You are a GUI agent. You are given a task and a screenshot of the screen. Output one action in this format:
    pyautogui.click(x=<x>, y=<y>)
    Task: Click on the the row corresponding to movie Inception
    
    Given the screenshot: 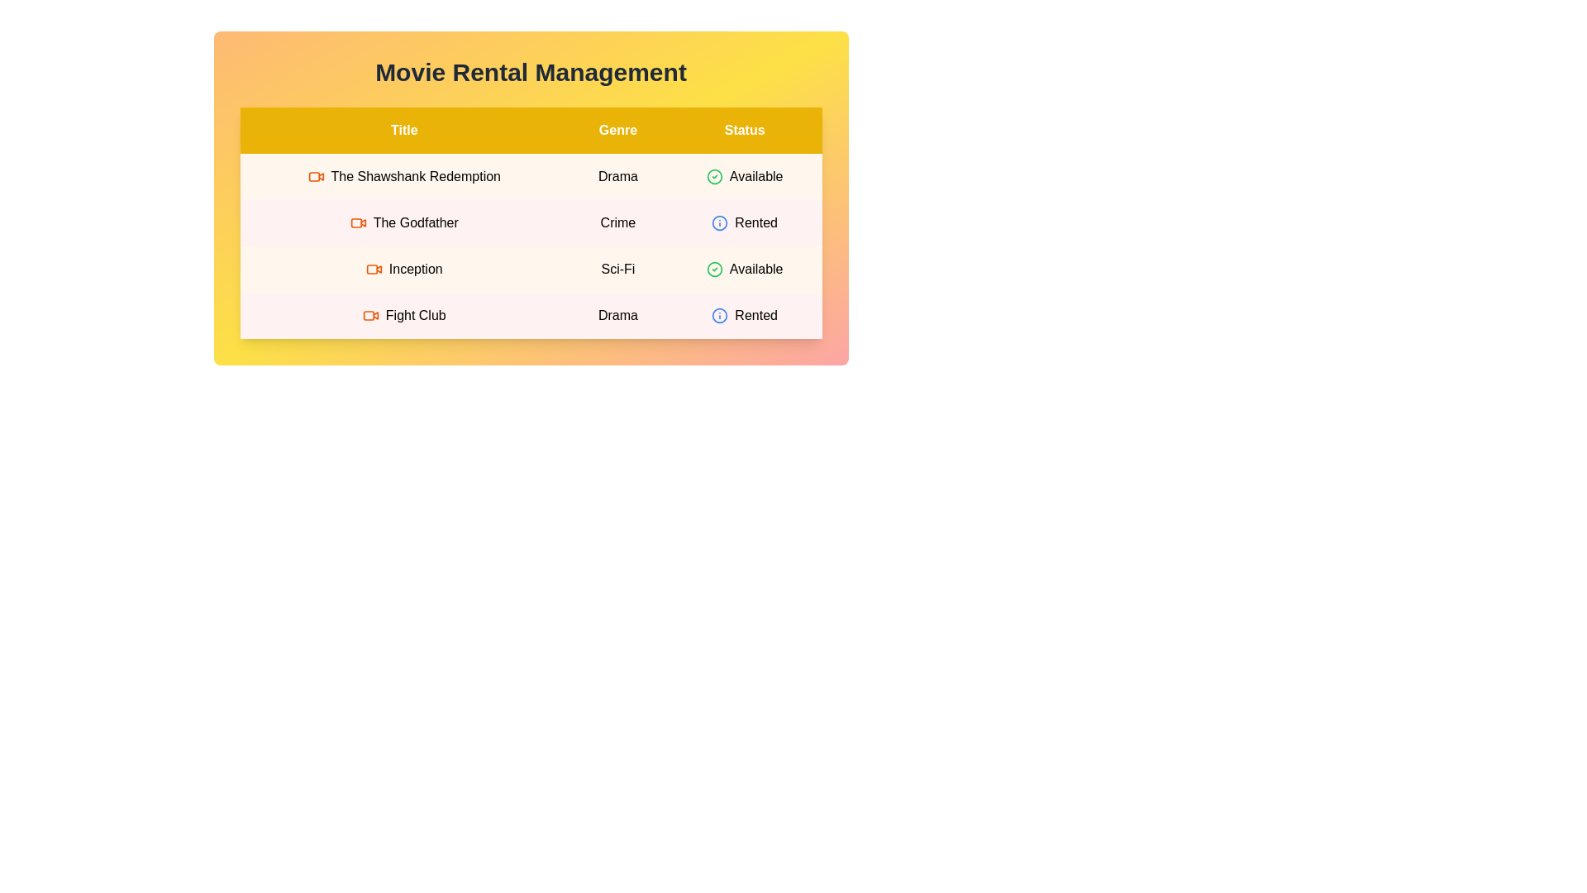 What is the action you would take?
    pyautogui.click(x=531, y=269)
    